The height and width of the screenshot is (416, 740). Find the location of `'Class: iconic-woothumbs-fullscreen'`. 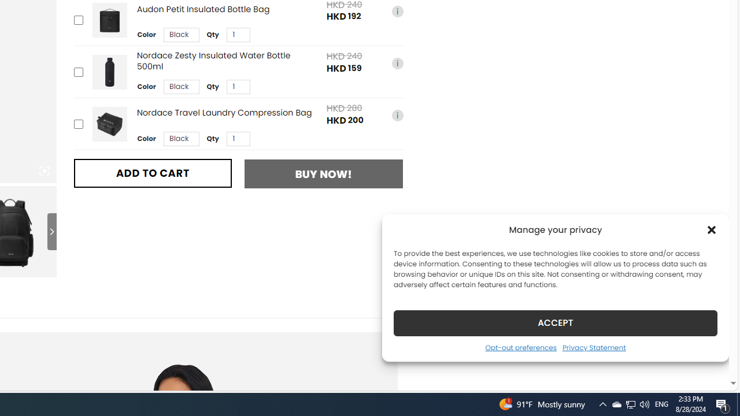

'Class: iconic-woothumbs-fullscreen' is located at coordinates (44, 171).